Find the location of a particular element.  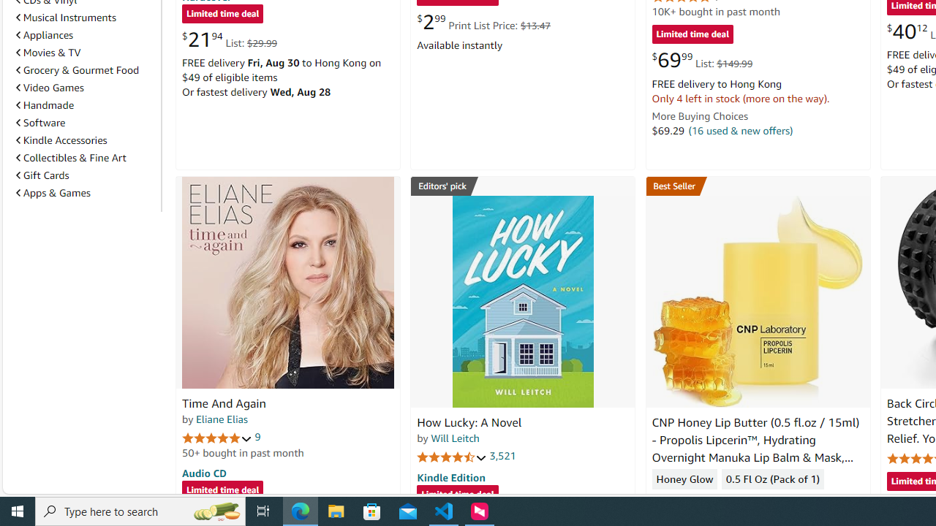

'Best Seller in Lip Butters' is located at coordinates (758, 185).